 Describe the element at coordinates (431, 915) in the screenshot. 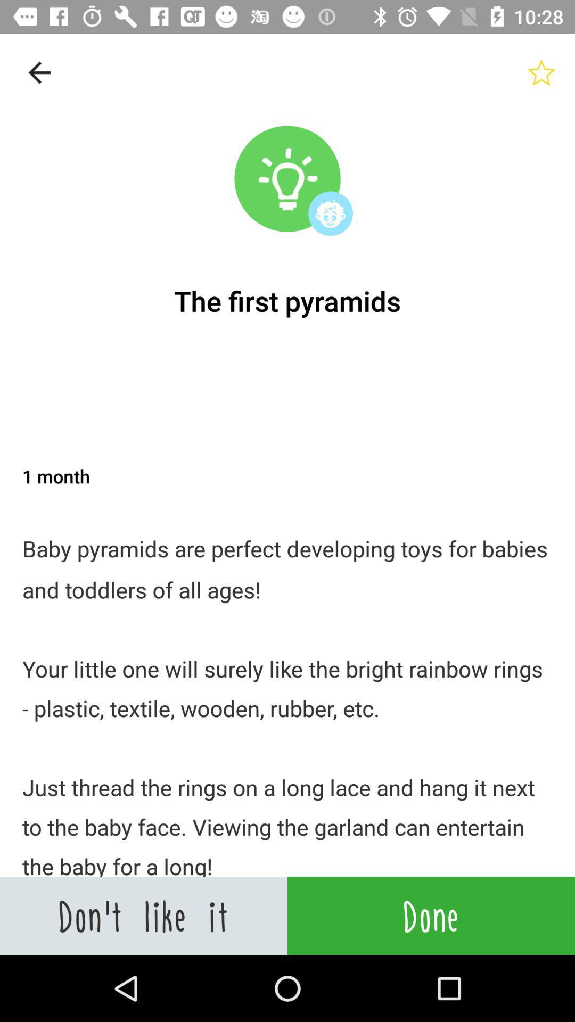

I see `item next to don t like` at that location.